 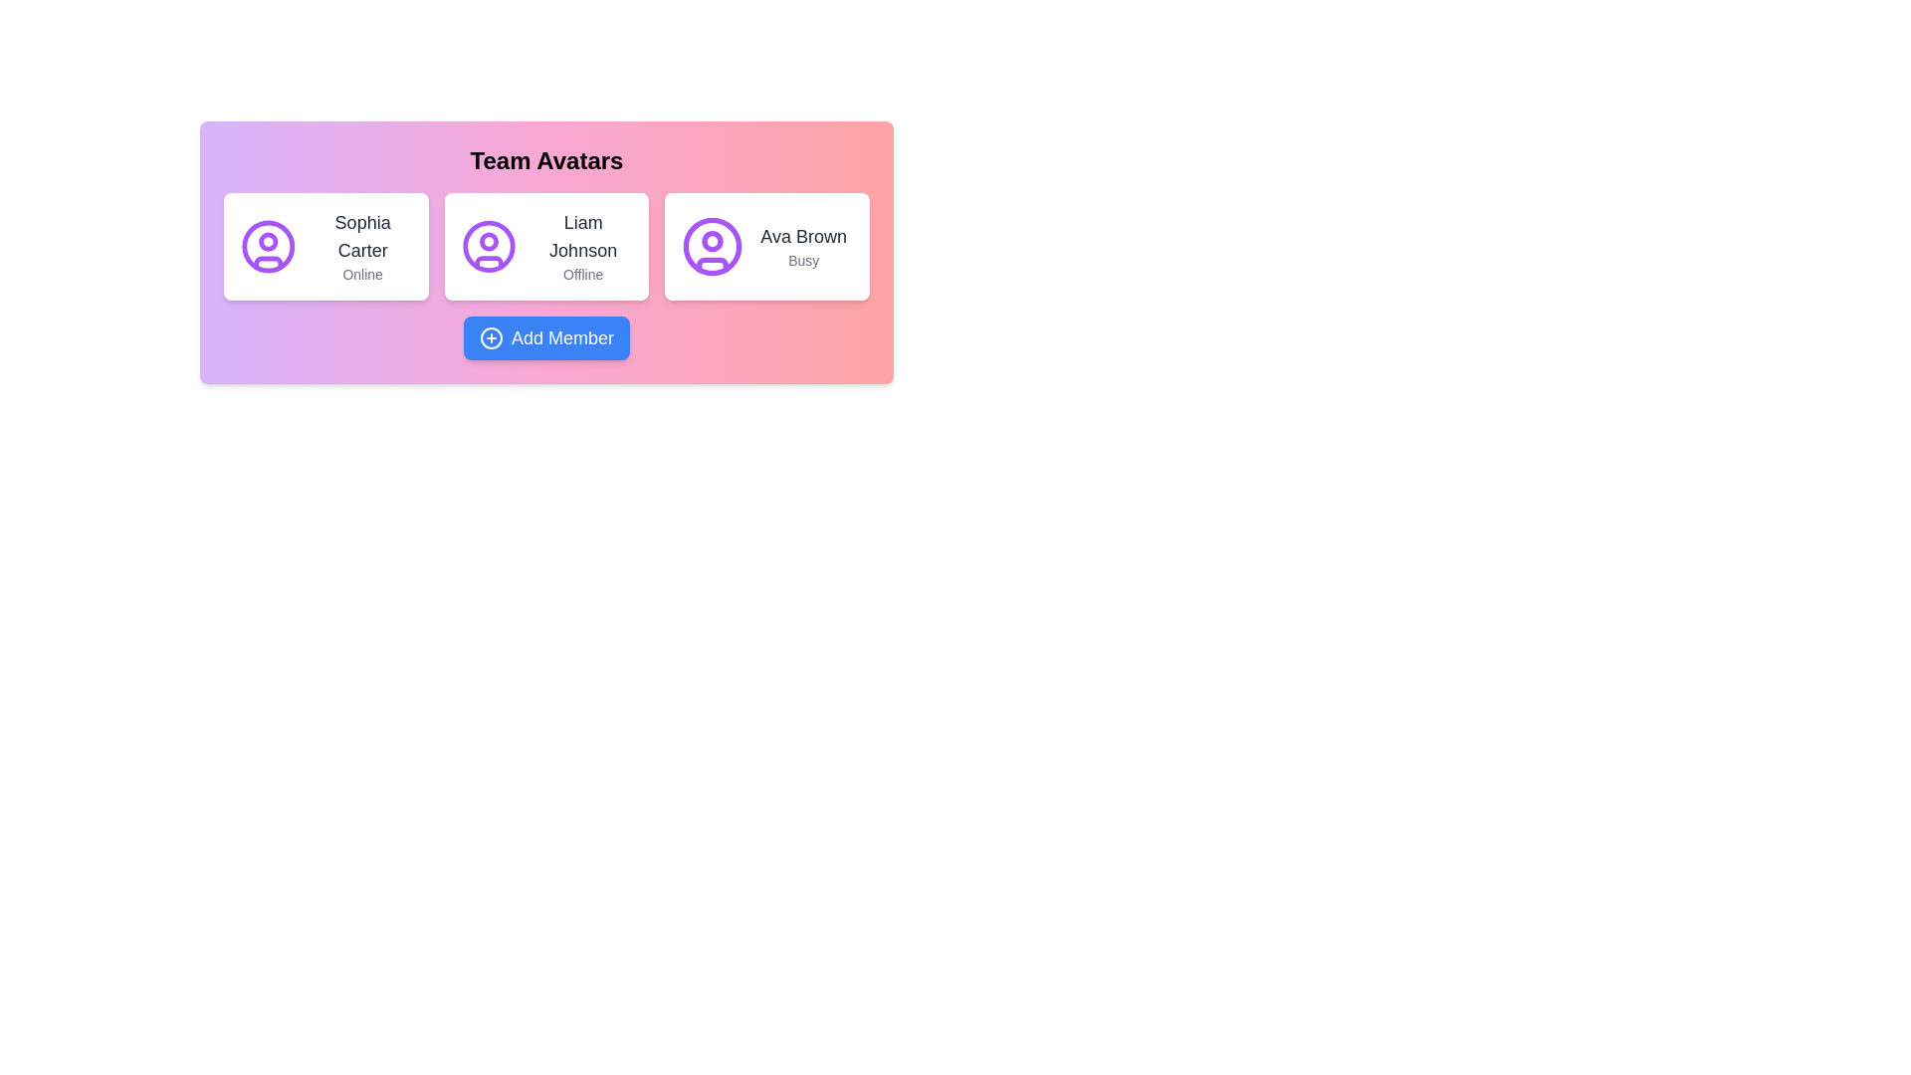 What do you see at coordinates (489, 241) in the screenshot?
I see `the circular icon representing the user avatar for 'Liam Johnson', which is the second avatar in the 'Team Avatars' section` at bounding box center [489, 241].